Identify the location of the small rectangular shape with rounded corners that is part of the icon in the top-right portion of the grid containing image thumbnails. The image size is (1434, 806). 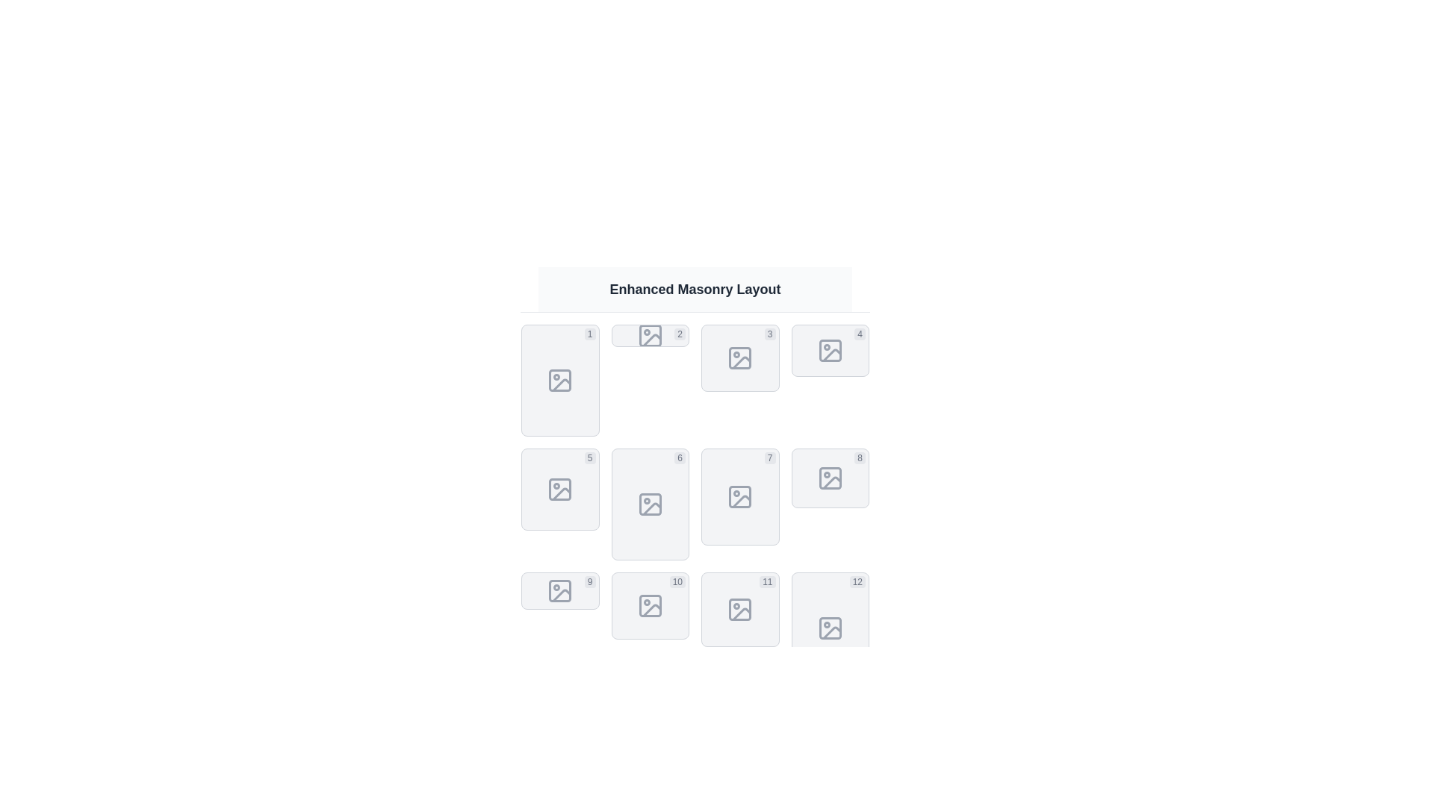
(829, 351).